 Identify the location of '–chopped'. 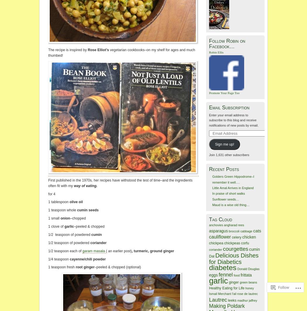
(77, 218).